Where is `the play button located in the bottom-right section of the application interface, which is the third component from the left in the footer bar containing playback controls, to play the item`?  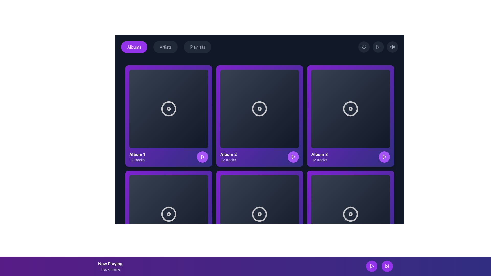
the play button located in the bottom-right section of the application interface, which is the third component from the left in the footer bar containing playback controls, to play the item is located at coordinates (293, 262).